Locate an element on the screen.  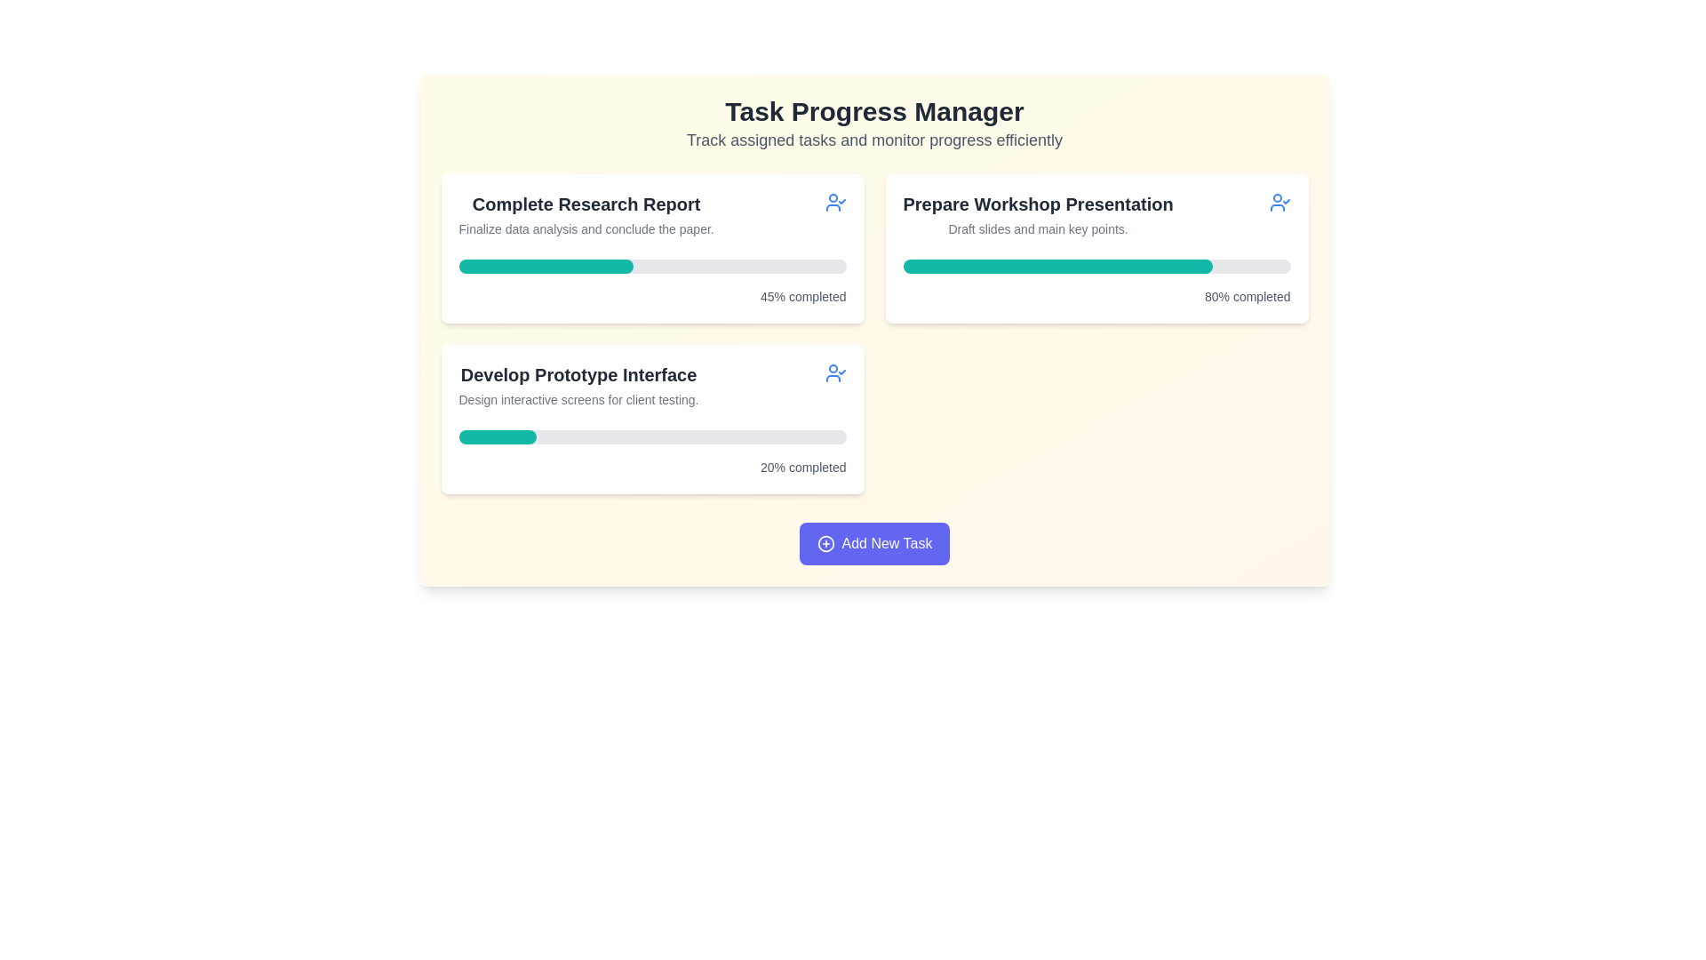
the text heading labeled 'Prepare Workshop Presentation', which is styled in bold and larger font, located in the upper-right quadrant of the interface is located at coordinates (1038, 204).